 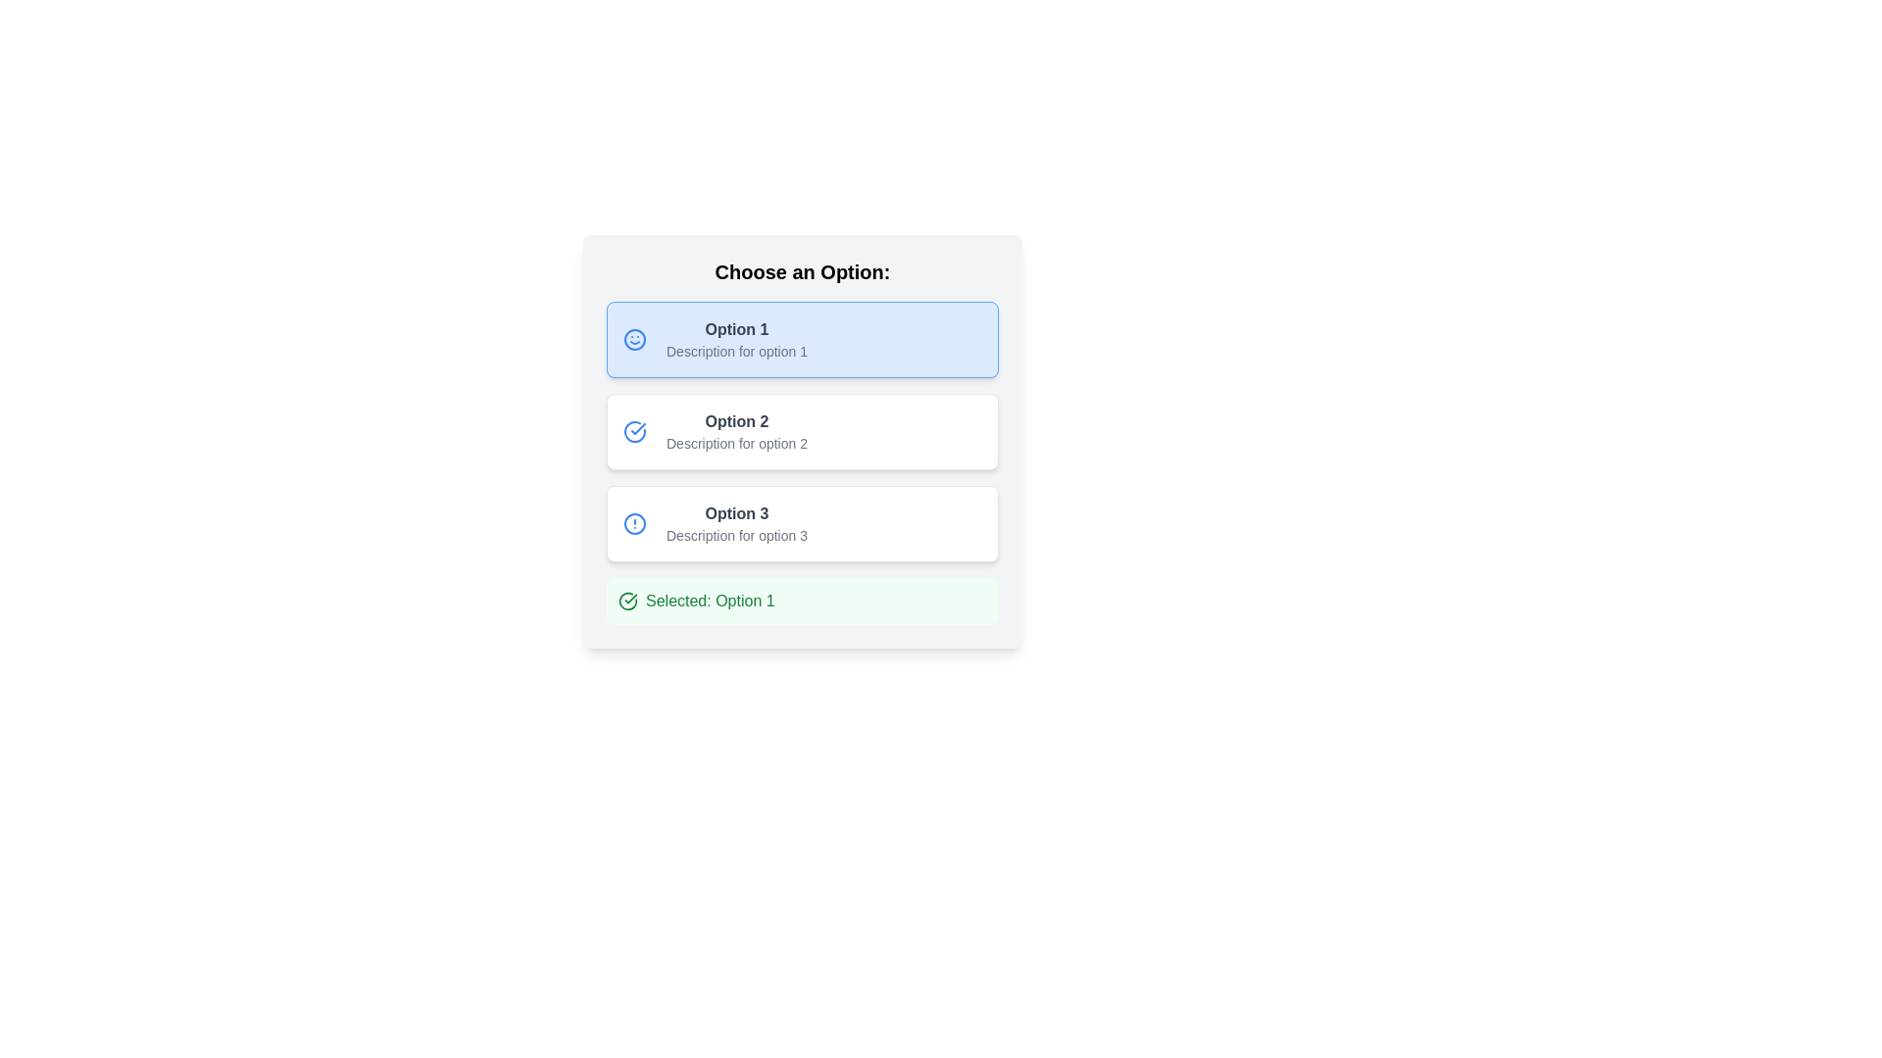 What do you see at coordinates (736, 443) in the screenshot?
I see `the text label that reads 'Description for option 2', which is styled in a smaller, gray font and located beneath the title 'Option 2'` at bounding box center [736, 443].